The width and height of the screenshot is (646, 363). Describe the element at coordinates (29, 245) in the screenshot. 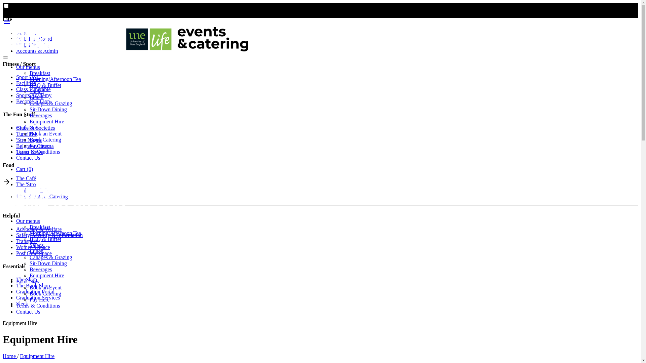

I see `'Salads'` at that location.